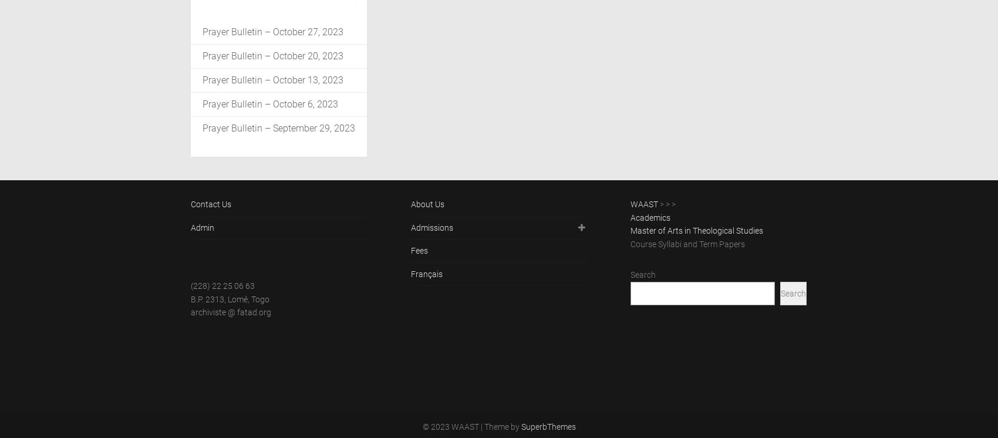  Describe the element at coordinates (431, 227) in the screenshot. I see `'Admissions'` at that location.